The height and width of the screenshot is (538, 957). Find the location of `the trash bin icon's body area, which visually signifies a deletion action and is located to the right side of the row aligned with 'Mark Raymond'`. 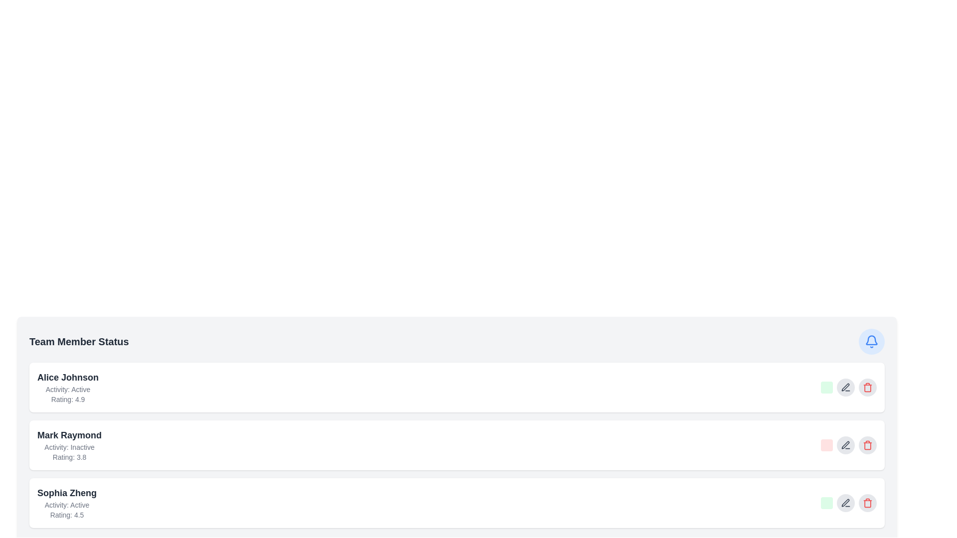

the trash bin icon's body area, which visually signifies a deletion action and is located to the right side of the row aligned with 'Mark Raymond' is located at coordinates (867, 445).